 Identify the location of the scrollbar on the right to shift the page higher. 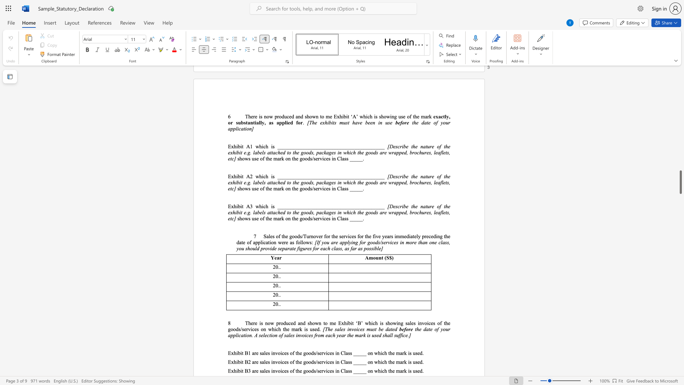
(680, 114).